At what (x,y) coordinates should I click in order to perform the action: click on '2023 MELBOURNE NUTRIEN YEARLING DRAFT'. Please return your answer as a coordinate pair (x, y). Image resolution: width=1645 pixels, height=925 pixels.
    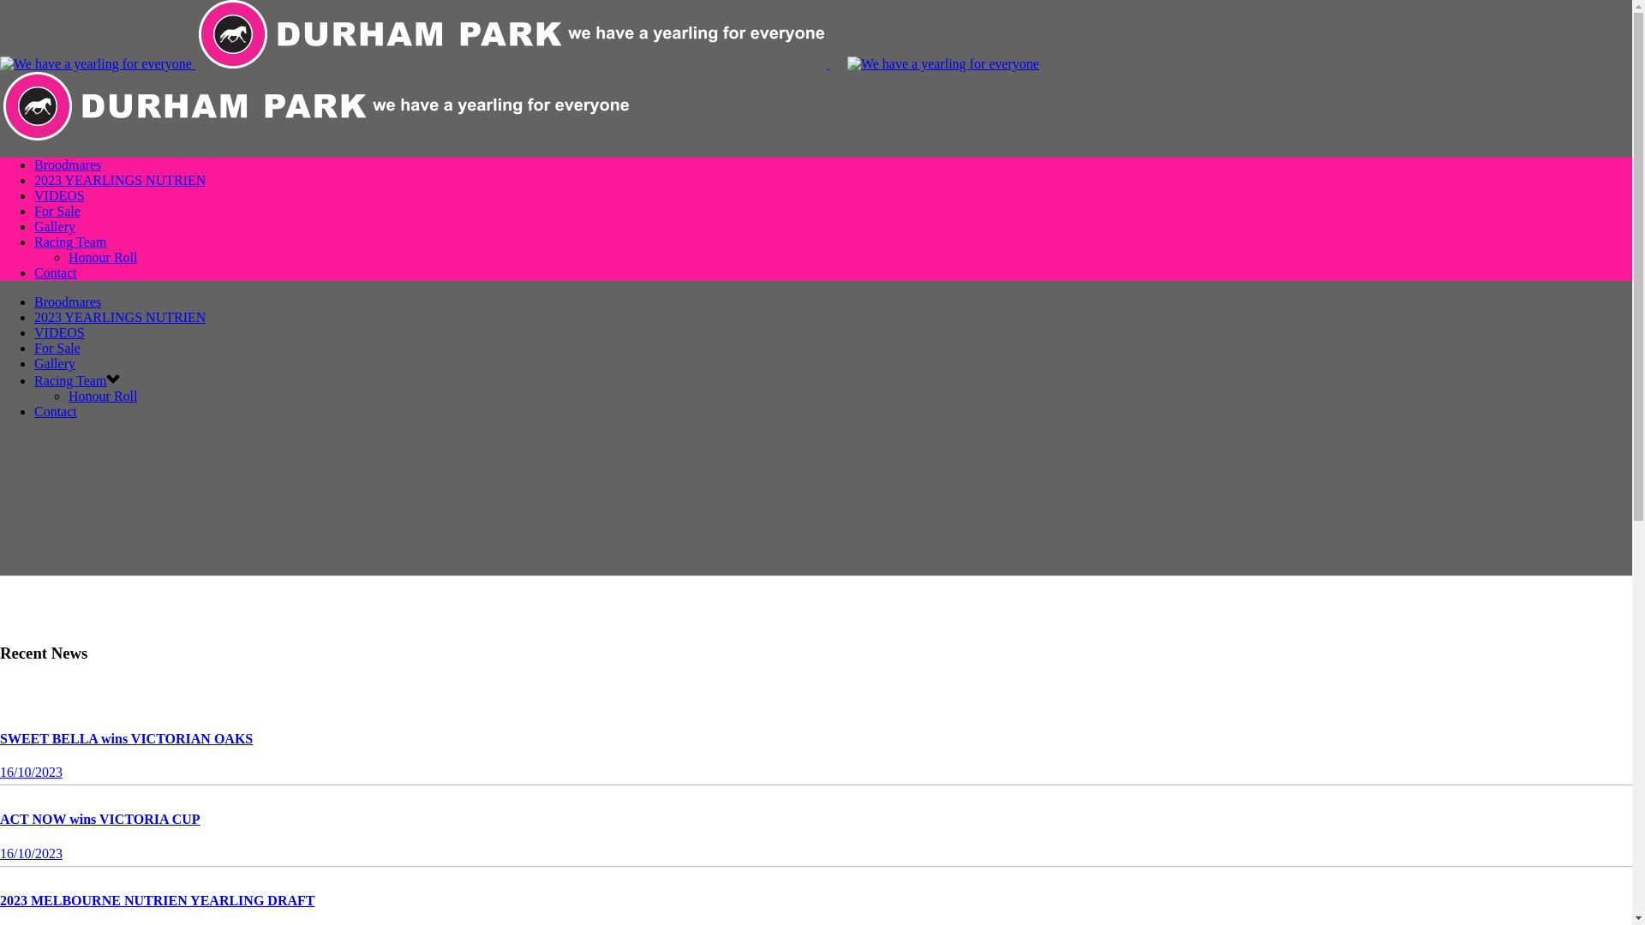
    Looking at the image, I should click on (157, 899).